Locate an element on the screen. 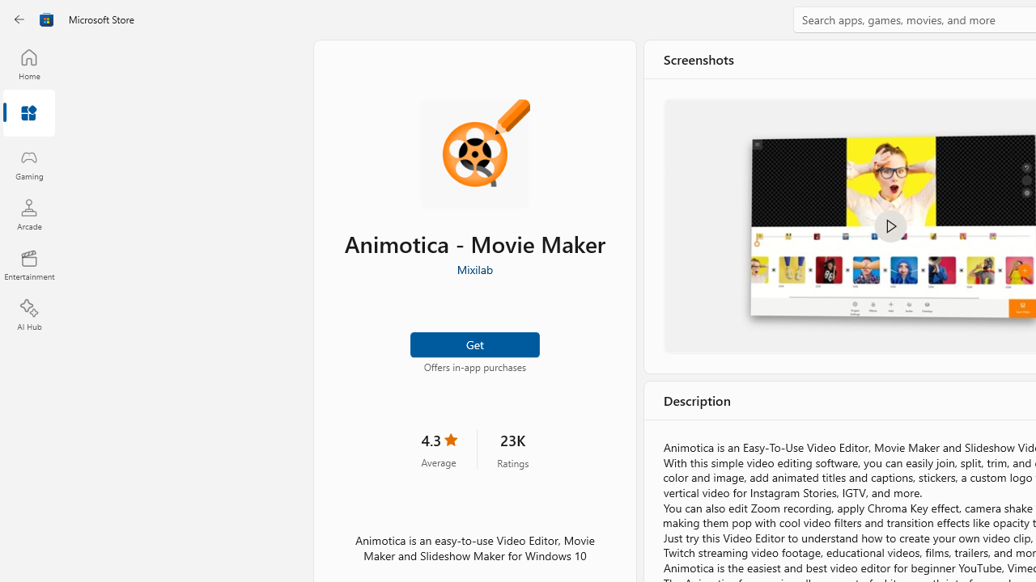 The image size is (1036, 582). 'Entertainment' is located at coordinates (28, 264).